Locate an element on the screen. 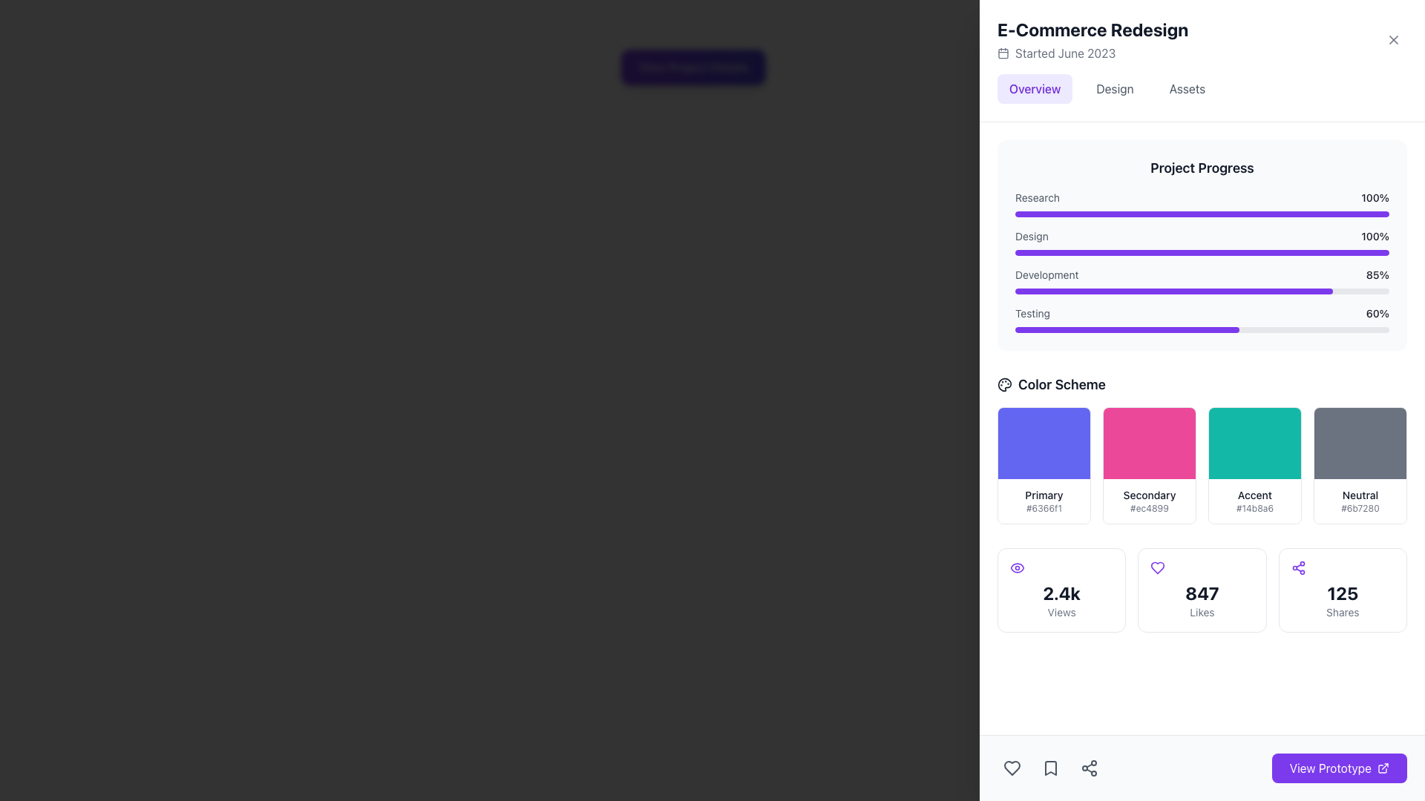  the share icon button located in the bottom toolbar, which visually resembles three connected nodes in a triangular arrangement is located at coordinates (1090, 768).